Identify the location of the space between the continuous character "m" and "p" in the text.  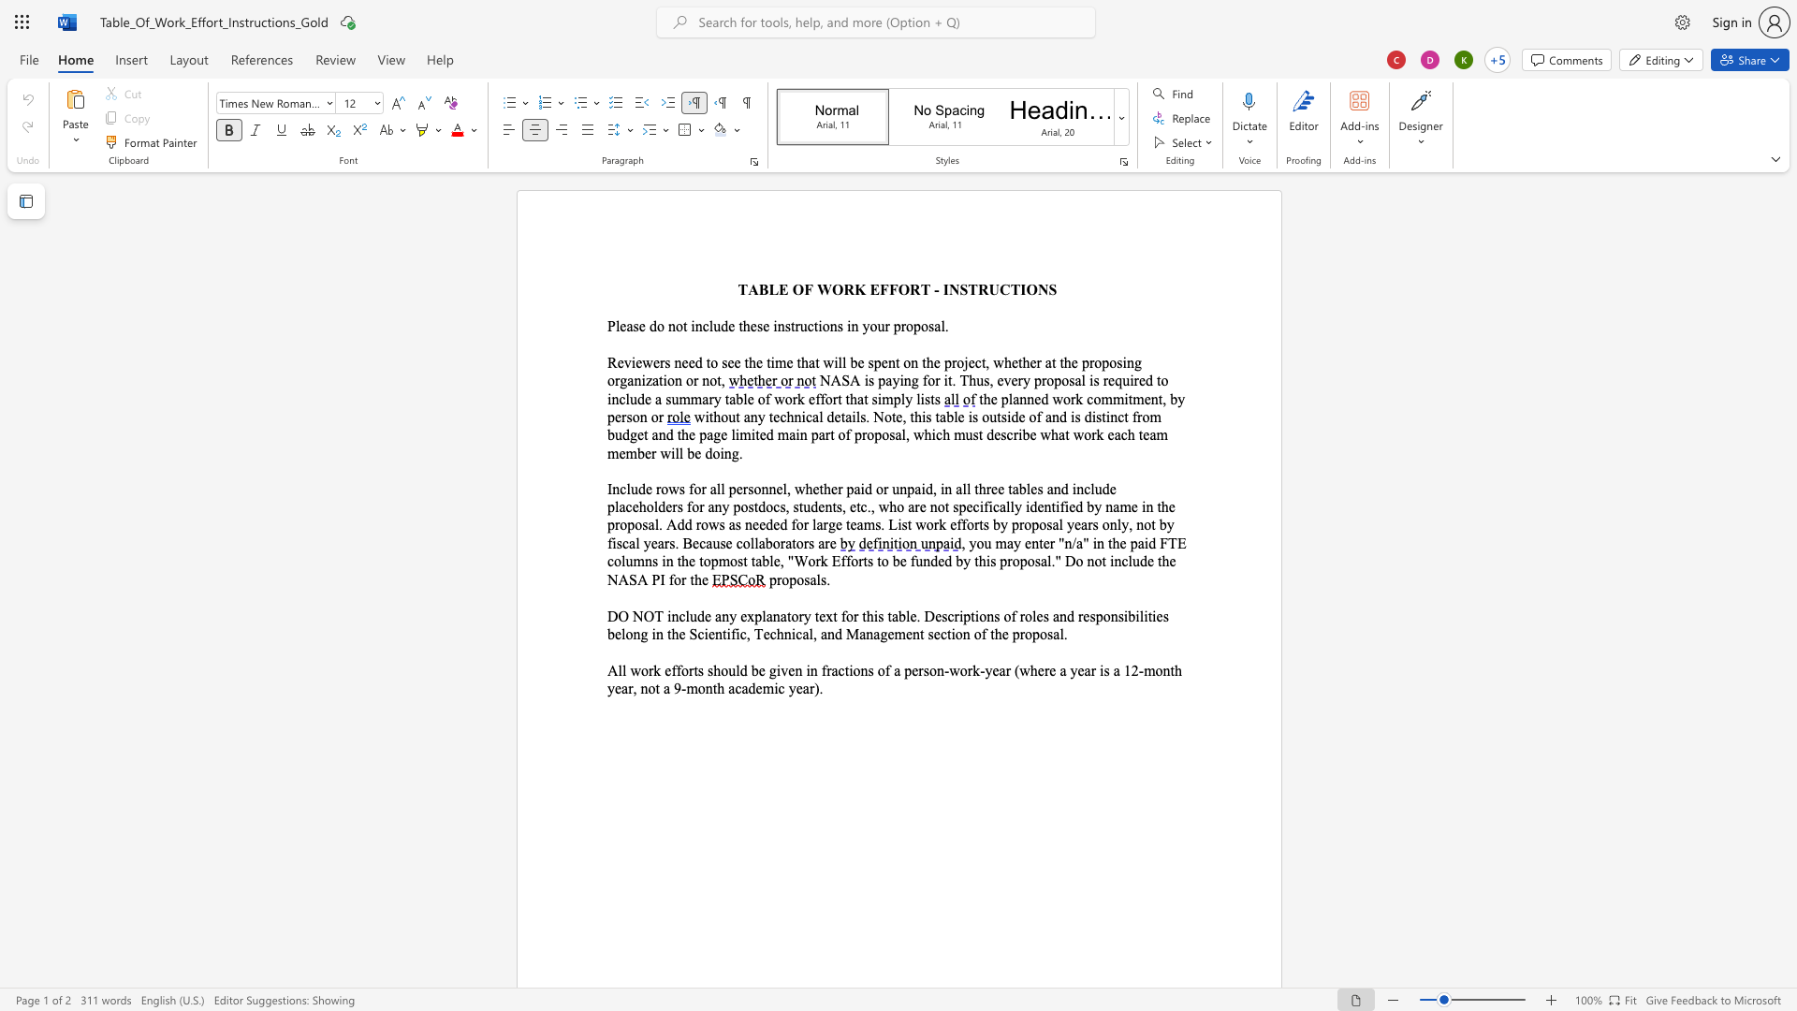
(891, 398).